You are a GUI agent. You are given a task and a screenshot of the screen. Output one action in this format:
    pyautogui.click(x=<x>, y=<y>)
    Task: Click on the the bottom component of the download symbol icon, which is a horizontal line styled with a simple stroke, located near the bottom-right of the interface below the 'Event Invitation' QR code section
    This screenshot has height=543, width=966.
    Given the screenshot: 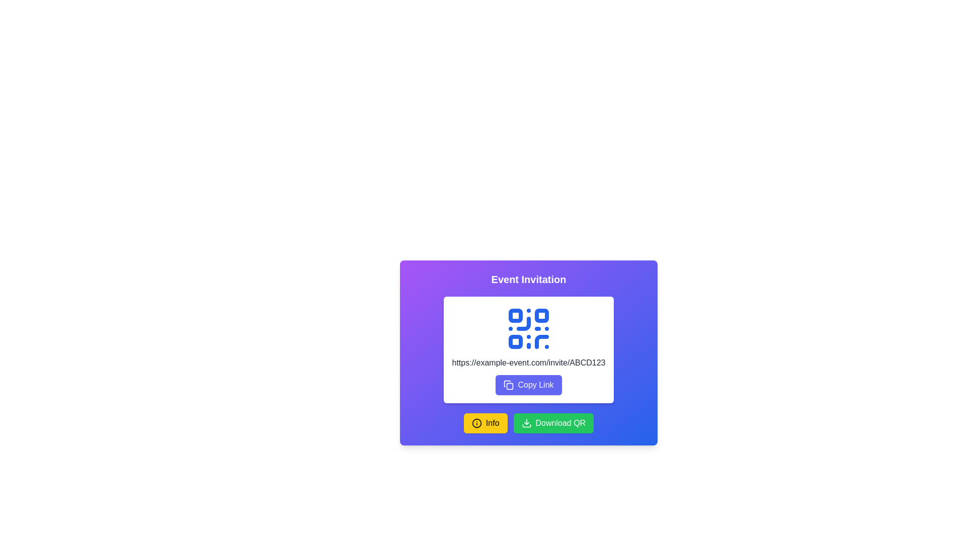 What is the action you would take?
    pyautogui.click(x=526, y=426)
    